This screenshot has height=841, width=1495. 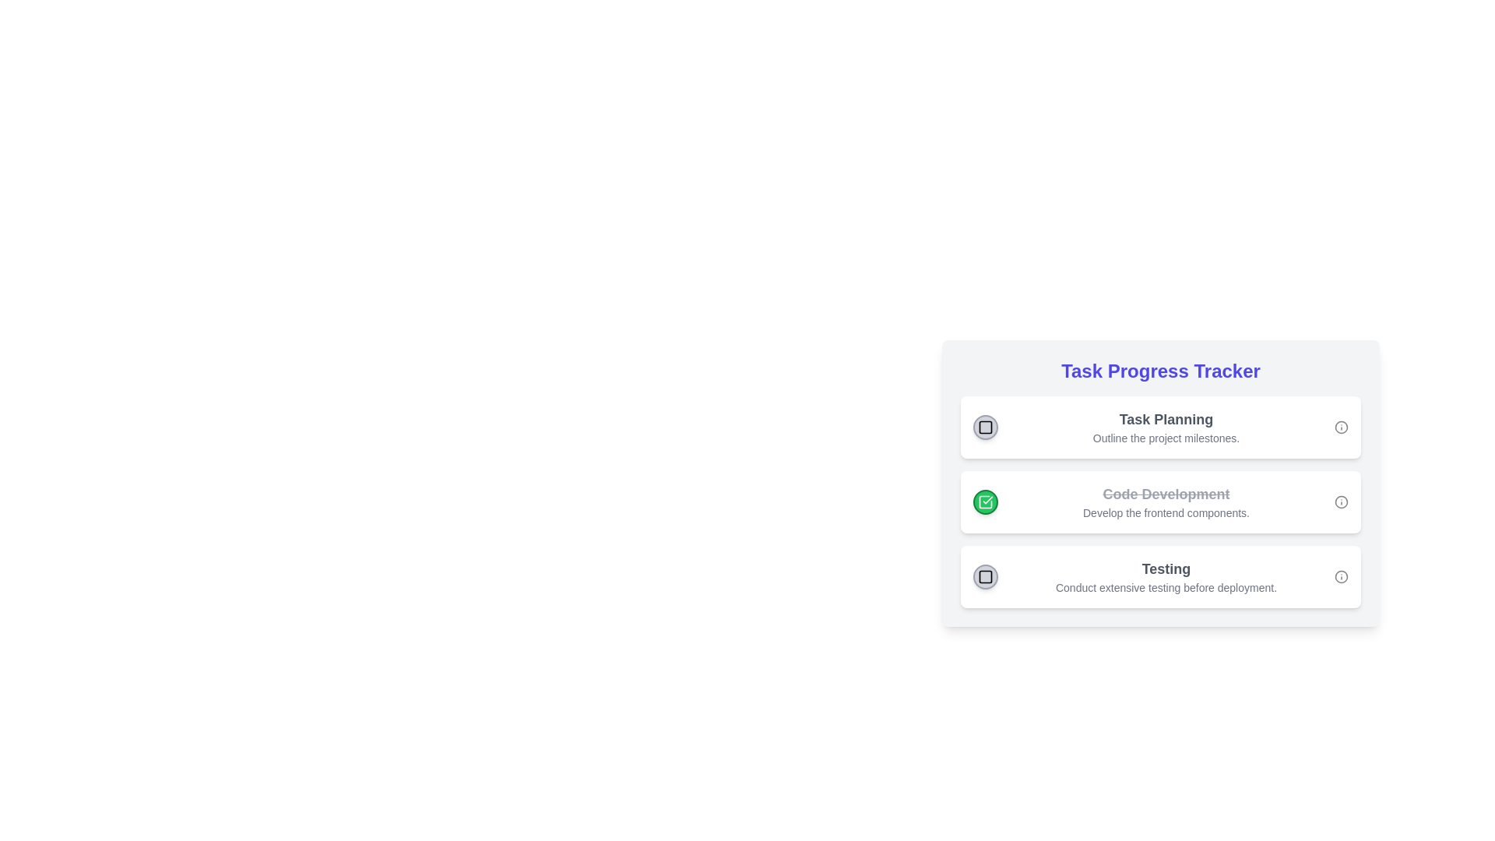 I want to click on the information icon located at the rightmost end of the 'Task Planning' row, so click(x=1341, y=427).